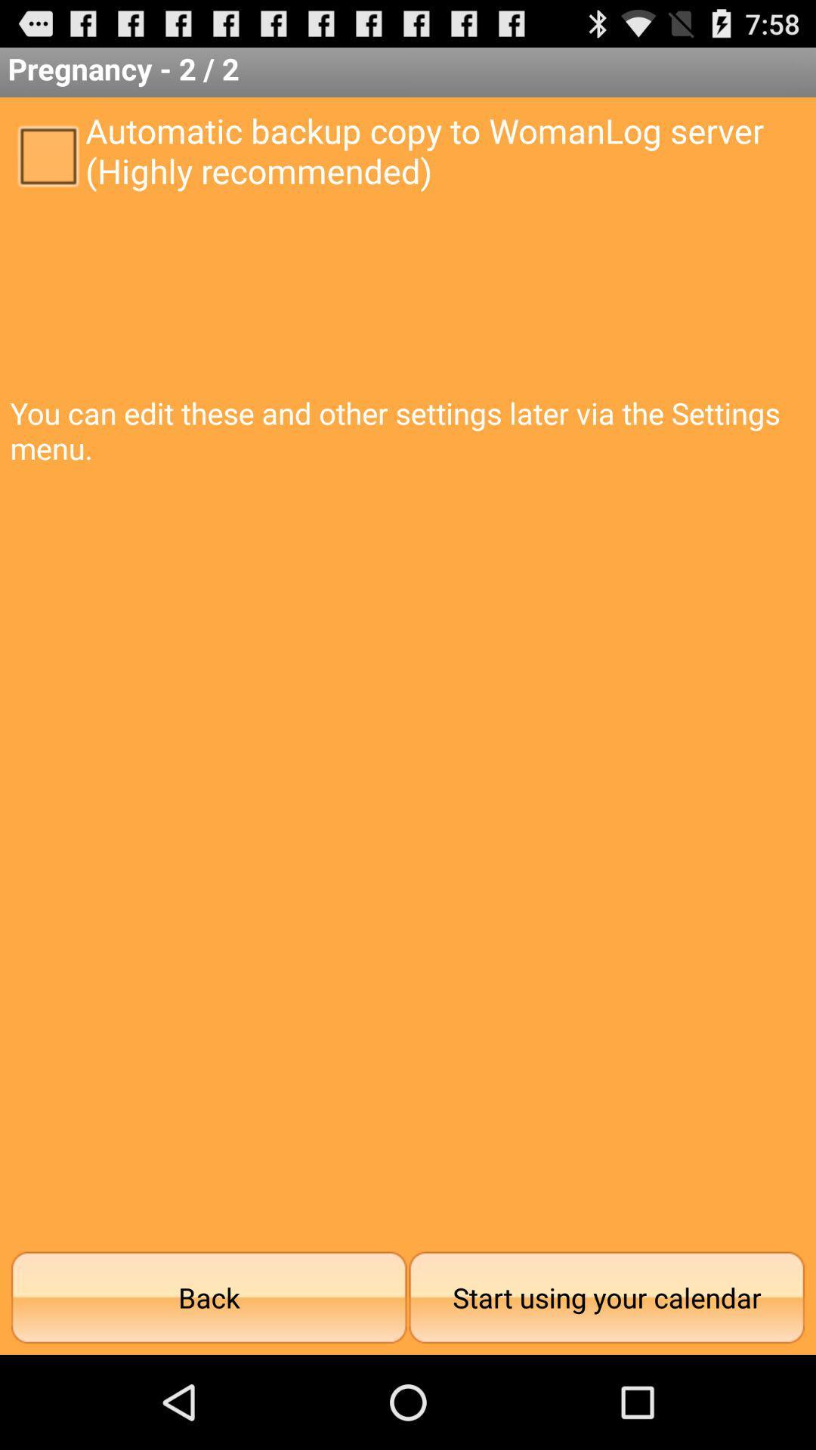 Image resolution: width=816 pixels, height=1450 pixels. What do you see at coordinates (47, 155) in the screenshot?
I see `the app above you can edit app` at bounding box center [47, 155].